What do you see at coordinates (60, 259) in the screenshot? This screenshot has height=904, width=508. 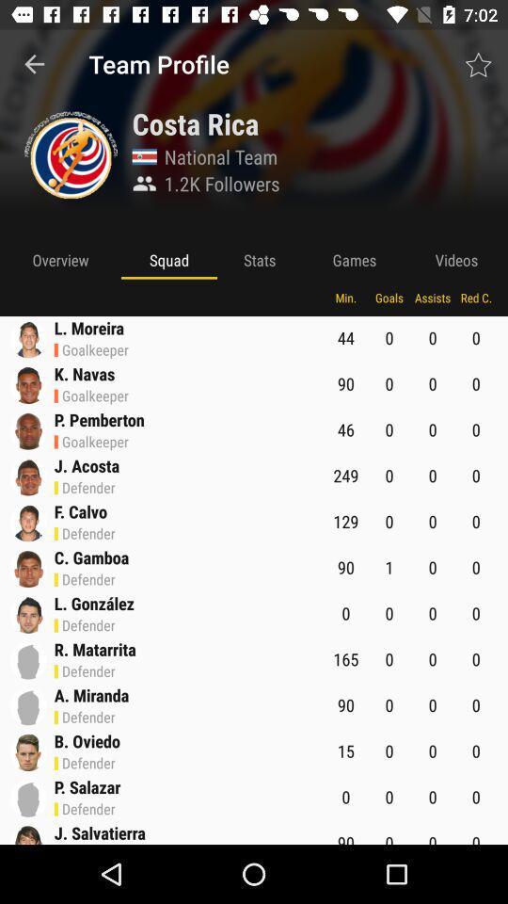 I see `the overview icon` at bounding box center [60, 259].